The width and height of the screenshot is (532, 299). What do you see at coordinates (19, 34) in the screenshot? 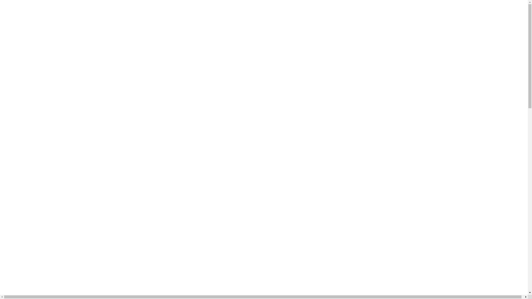
I see `'CART'` at bounding box center [19, 34].